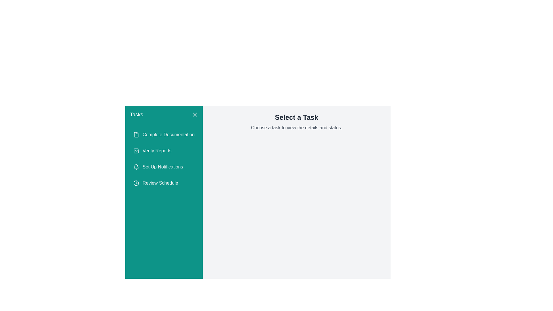 The image size is (553, 311). Describe the element at coordinates (296, 117) in the screenshot. I see `the Static Text element that serves as the heading or title for the section, located near the top right of the content area, above a subtitle` at that location.